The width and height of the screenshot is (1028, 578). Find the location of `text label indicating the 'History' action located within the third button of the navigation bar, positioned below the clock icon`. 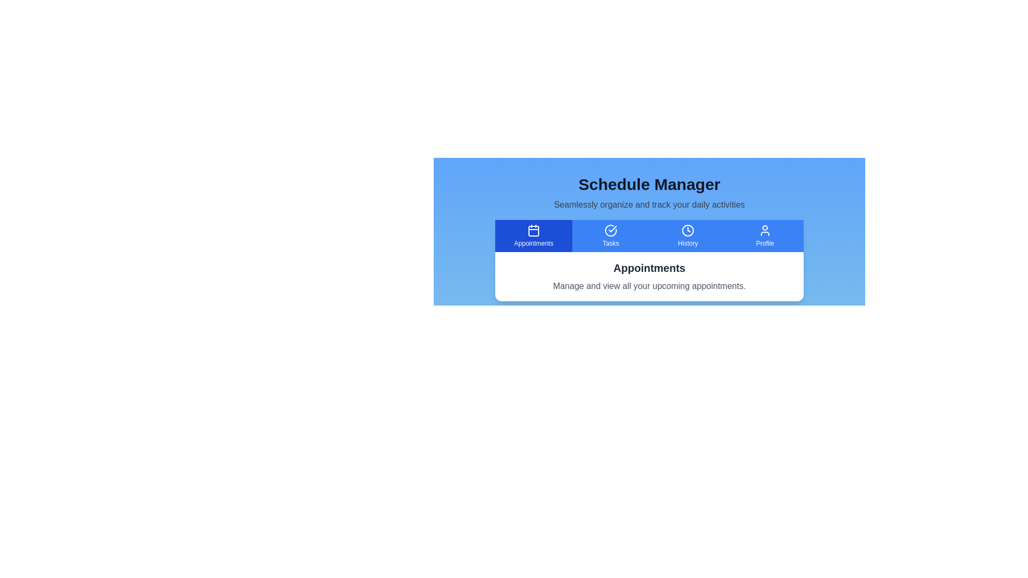

text label indicating the 'History' action located within the third button of the navigation bar, positioned below the clock icon is located at coordinates (688, 244).